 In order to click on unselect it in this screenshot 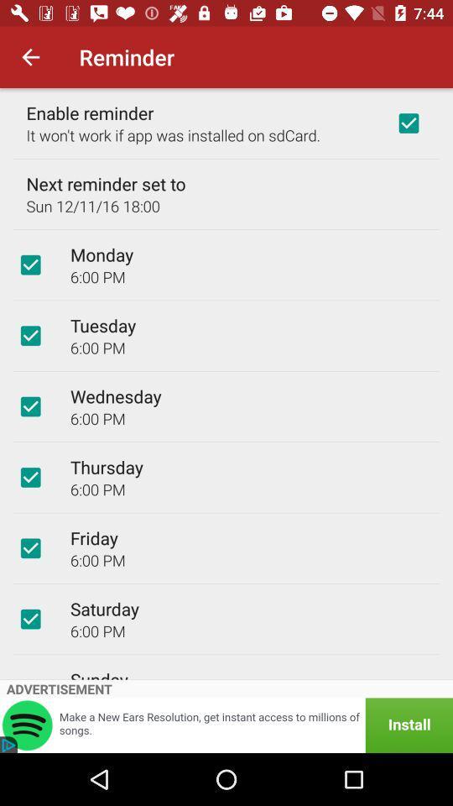, I will do `click(30, 335)`.